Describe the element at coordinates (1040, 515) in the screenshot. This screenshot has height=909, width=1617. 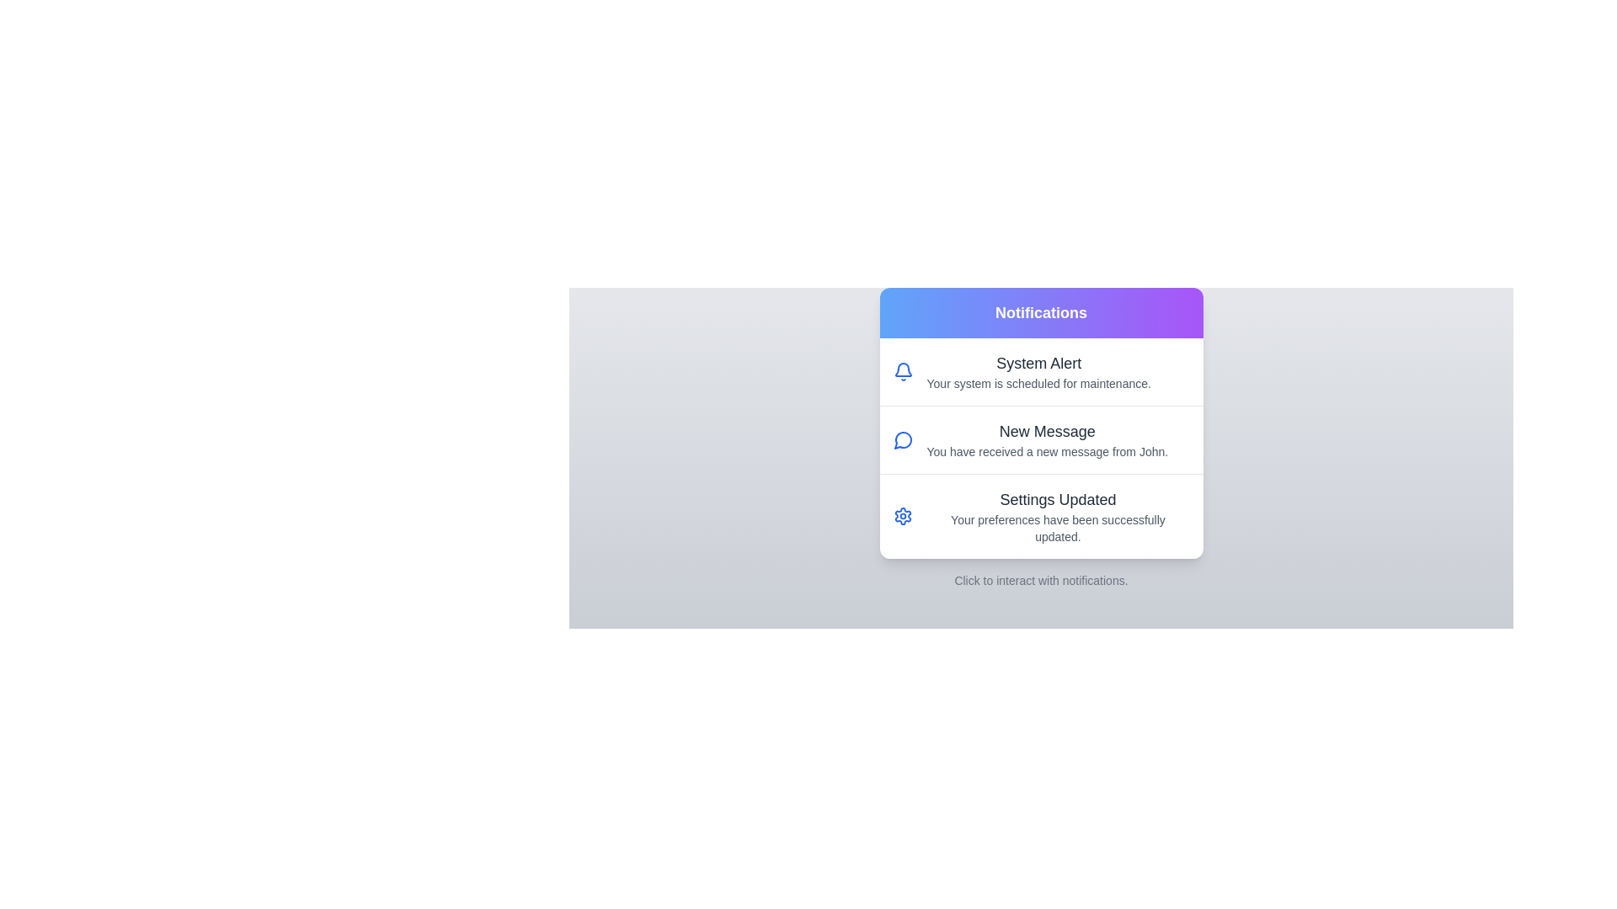
I see `the notification item Settings Updated to highlight it` at that location.